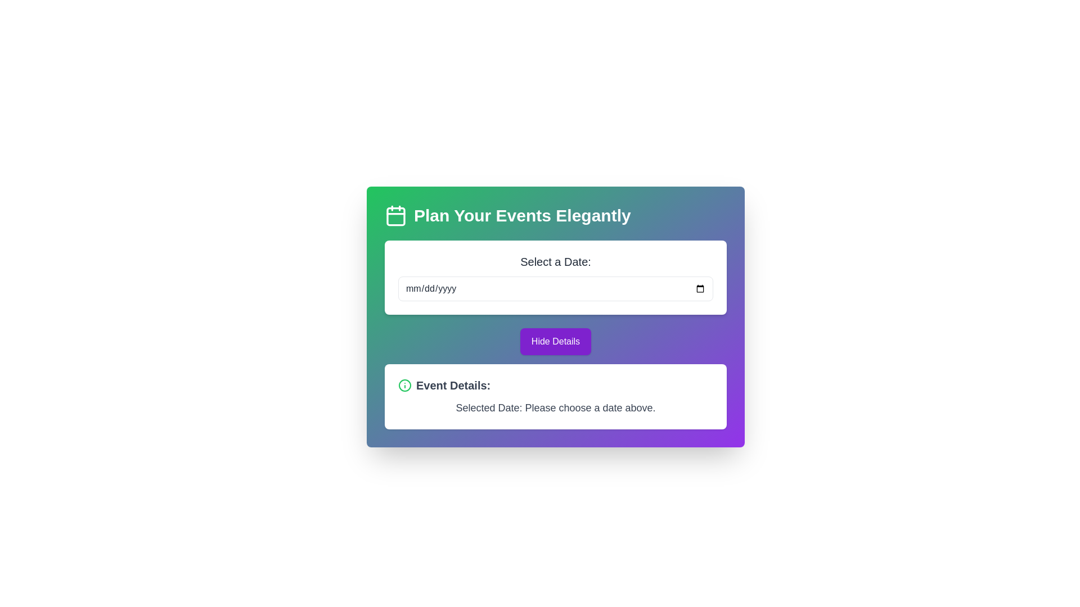 This screenshot has height=607, width=1080. I want to click on the purple button labeled 'Hide Details' to change its color, which is located below the 'Select a Date:' section and above the 'Event Details:' section, so click(556, 341).